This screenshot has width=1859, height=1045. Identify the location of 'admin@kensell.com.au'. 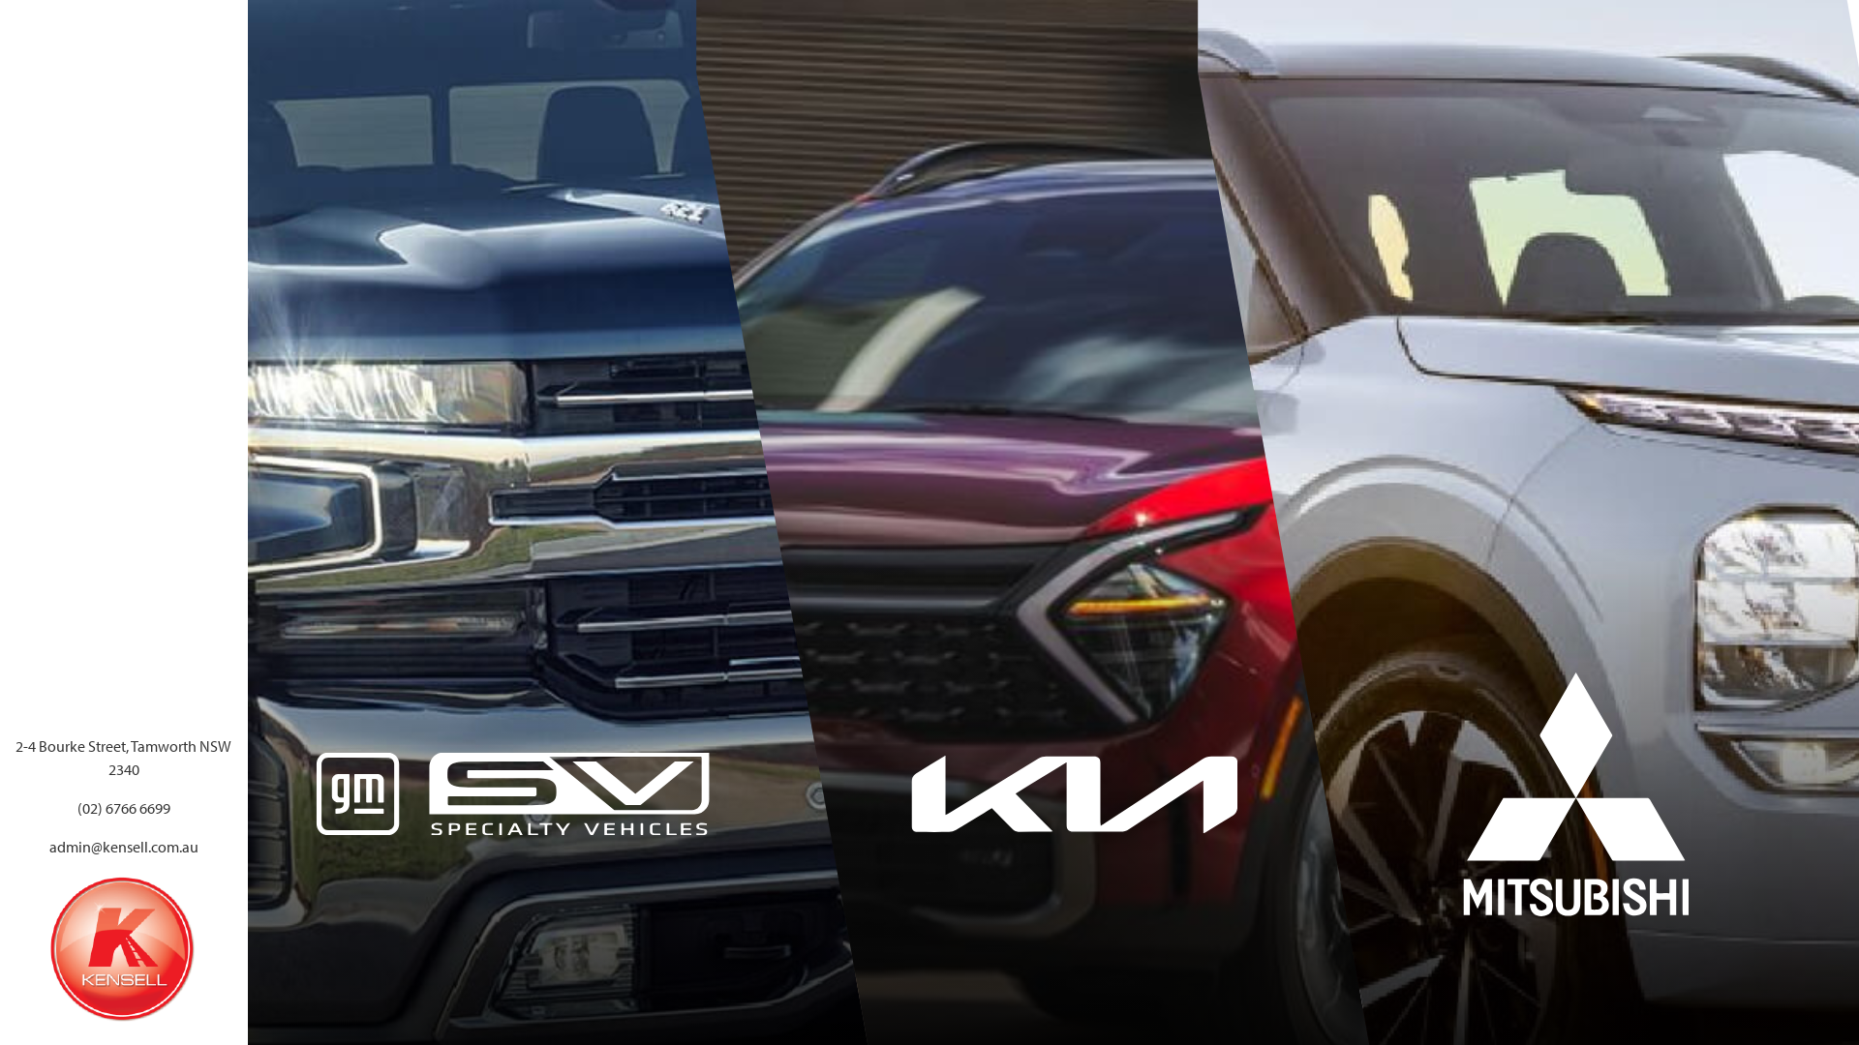
(123, 846).